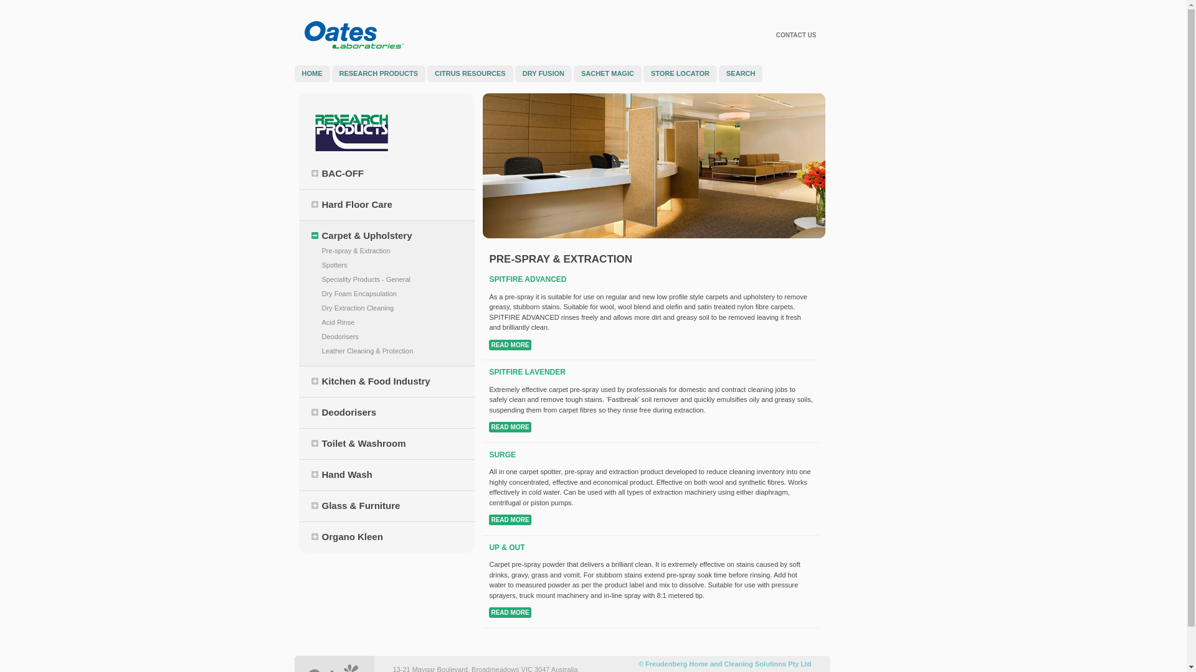 The height and width of the screenshot is (672, 1196). What do you see at coordinates (367, 350) in the screenshot?
I see `'Leather Cleaning & Protection'` at bounding box center [367, 350].